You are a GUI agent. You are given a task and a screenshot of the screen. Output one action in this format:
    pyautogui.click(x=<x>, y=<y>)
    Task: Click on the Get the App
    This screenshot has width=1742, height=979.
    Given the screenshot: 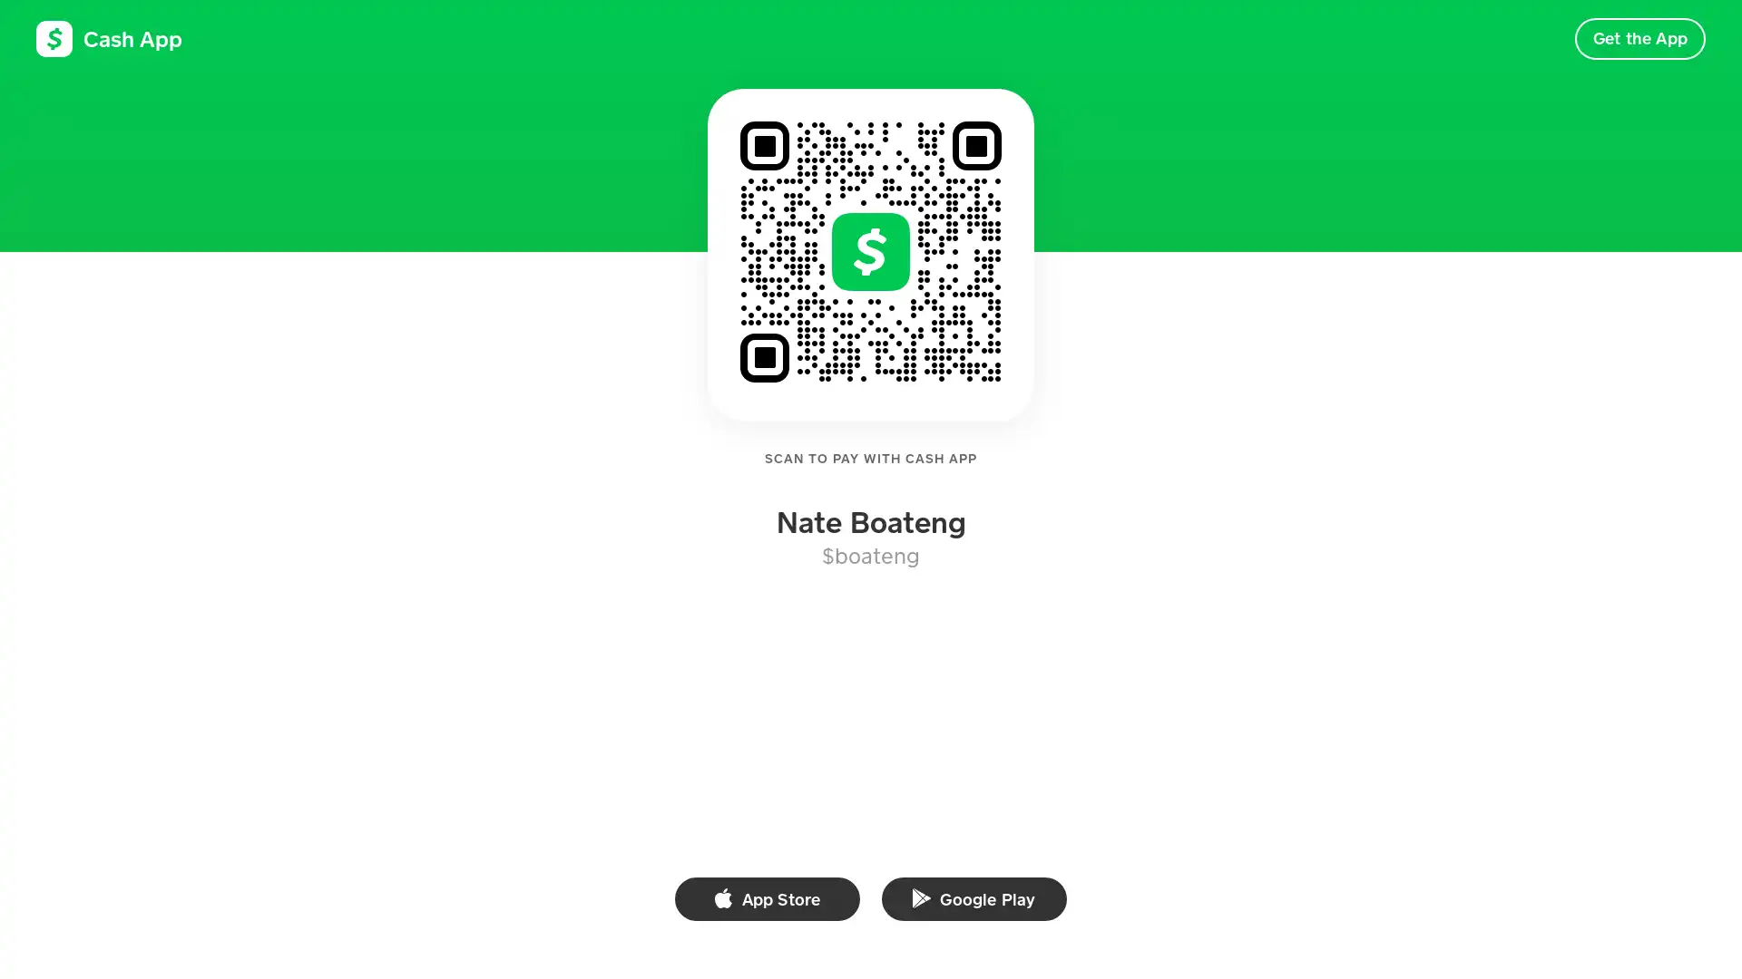 What is the action you would take?
    pyautogui.click(x=1639, y=38)
    